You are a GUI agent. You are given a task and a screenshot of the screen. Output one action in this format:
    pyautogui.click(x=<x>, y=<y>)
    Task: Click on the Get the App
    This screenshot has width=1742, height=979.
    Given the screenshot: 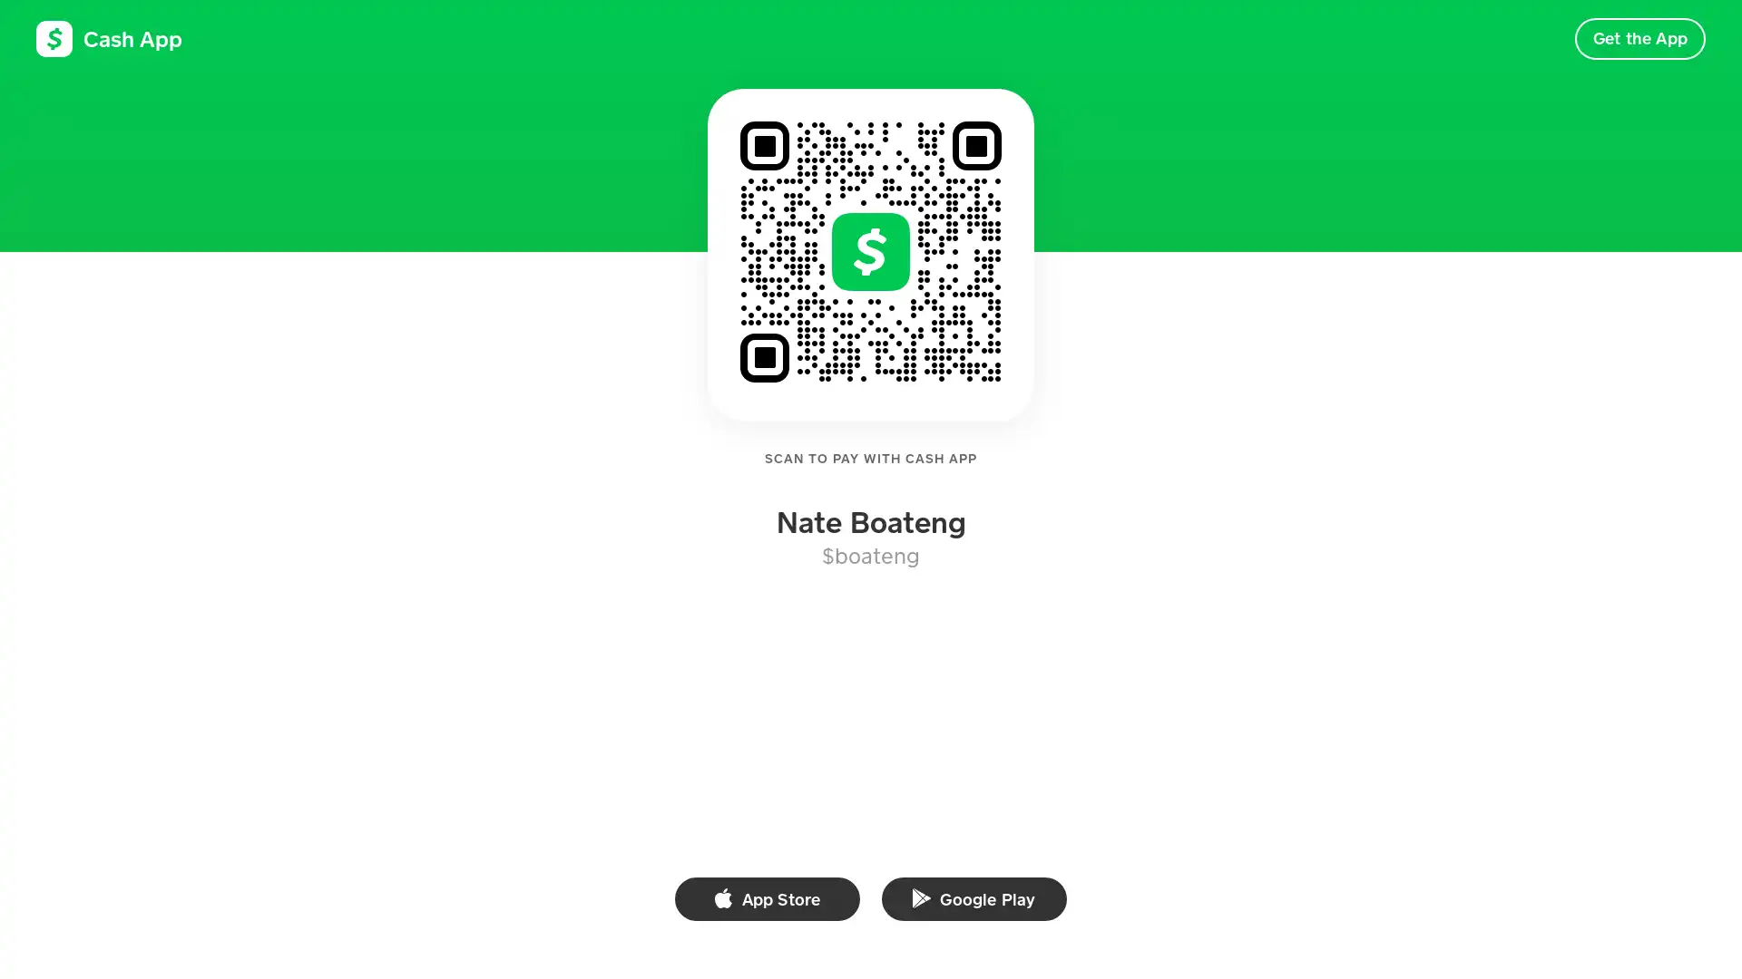 What is the action you would take?
    pyautogui.click(x=1639, y=38)
    